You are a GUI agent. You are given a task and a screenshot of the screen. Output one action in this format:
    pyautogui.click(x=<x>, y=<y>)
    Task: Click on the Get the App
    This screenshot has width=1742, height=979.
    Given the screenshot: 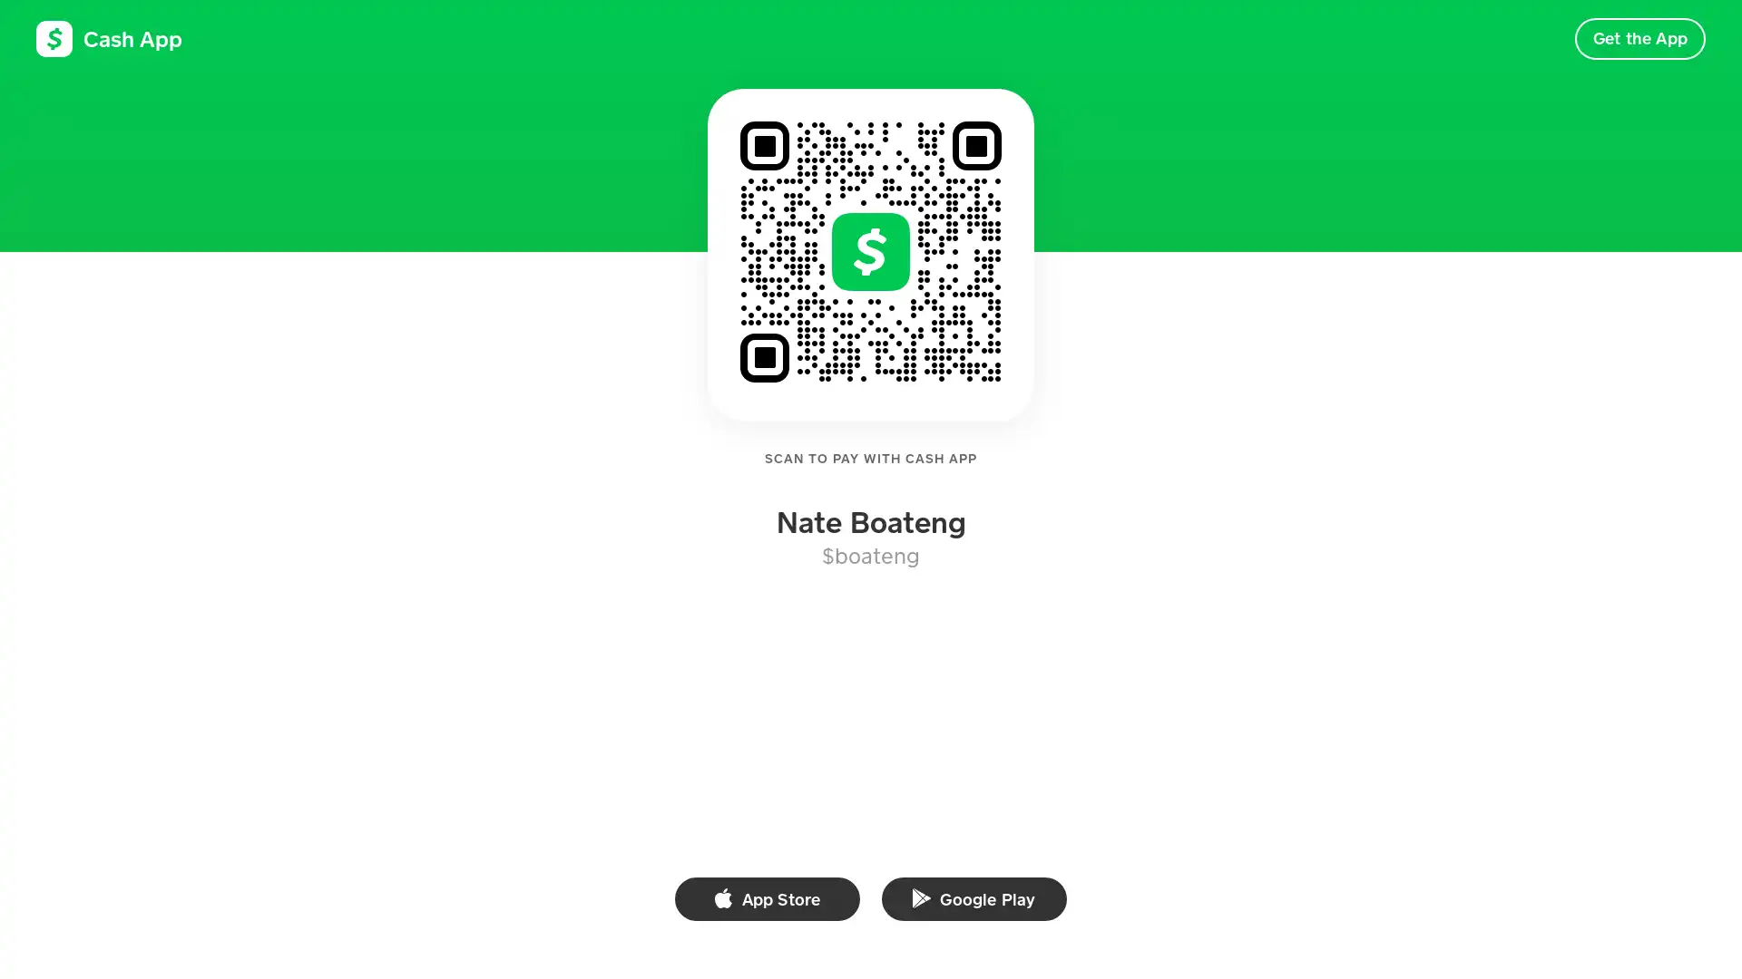 What is the action you would take?
    pyautogui.click(x=1639, y=38)
    